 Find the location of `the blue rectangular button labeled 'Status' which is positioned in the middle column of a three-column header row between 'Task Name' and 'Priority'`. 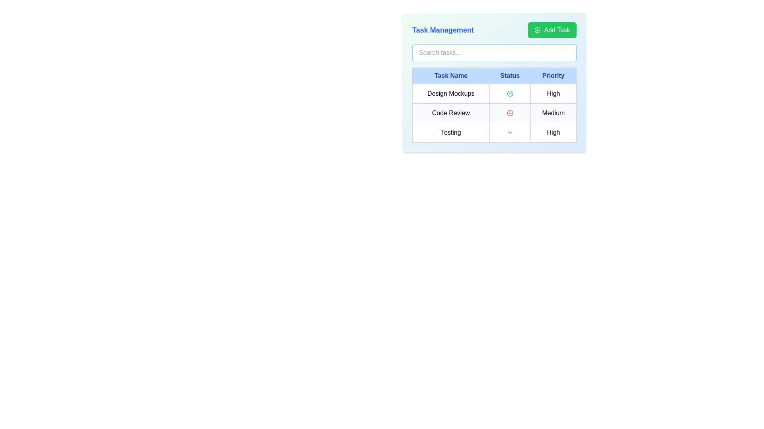

the blue rectangular button labeled 'Status' which is positioned in the middle column of a three-column header row between 'Task Name' and 'Priority' is located at coordinates (510, 76).